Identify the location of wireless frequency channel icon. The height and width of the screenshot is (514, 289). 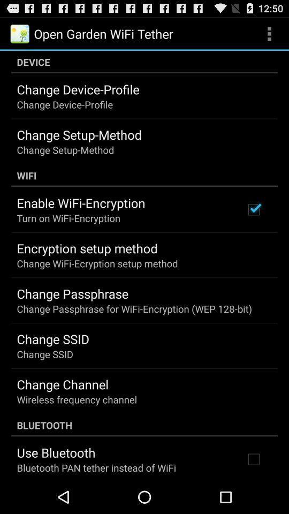
(76, 399).